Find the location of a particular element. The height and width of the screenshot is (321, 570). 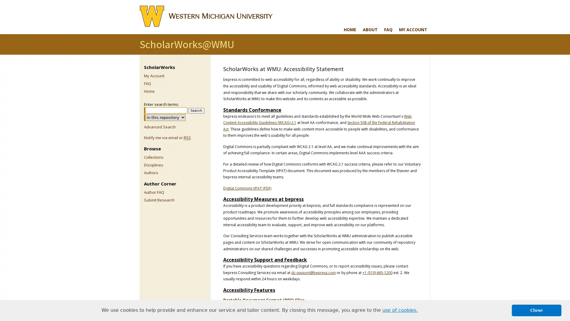

learn more about cookies is located at coordinates (400, 310).